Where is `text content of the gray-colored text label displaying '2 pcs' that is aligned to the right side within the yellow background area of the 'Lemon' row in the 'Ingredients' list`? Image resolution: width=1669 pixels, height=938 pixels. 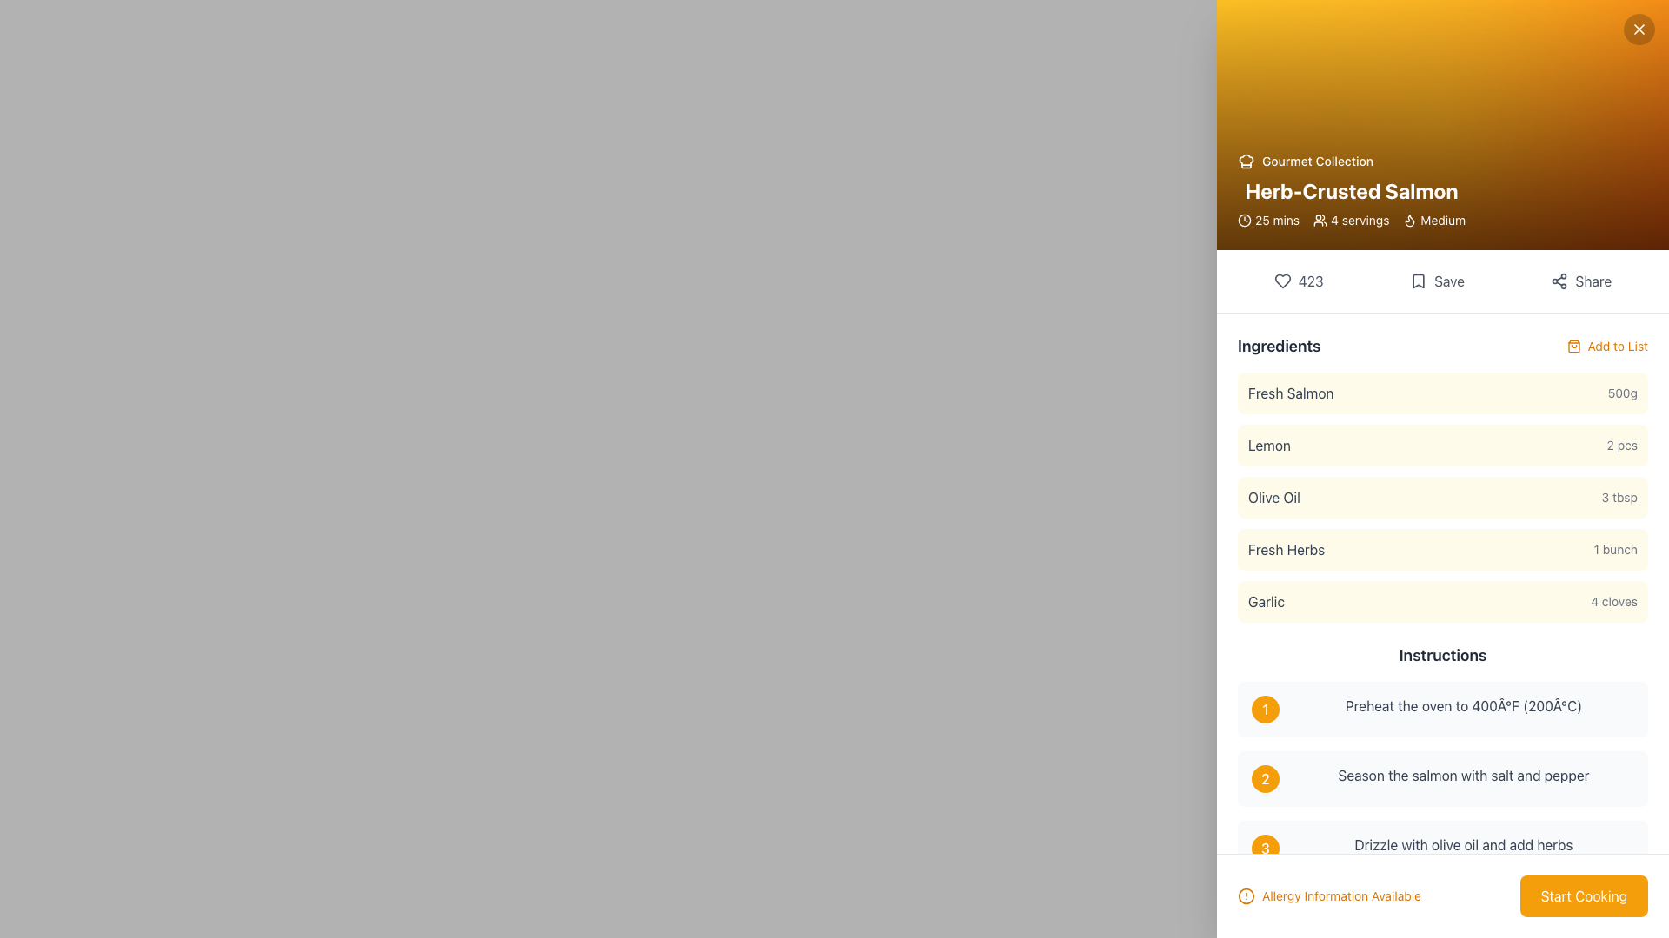
text content of the gray-colored text label displaying '2 pcs' that is aligned to the right side within the yellow background area of the 'Lemon' row in the 'Ingredients' list is located at coordinates (1621, 445).